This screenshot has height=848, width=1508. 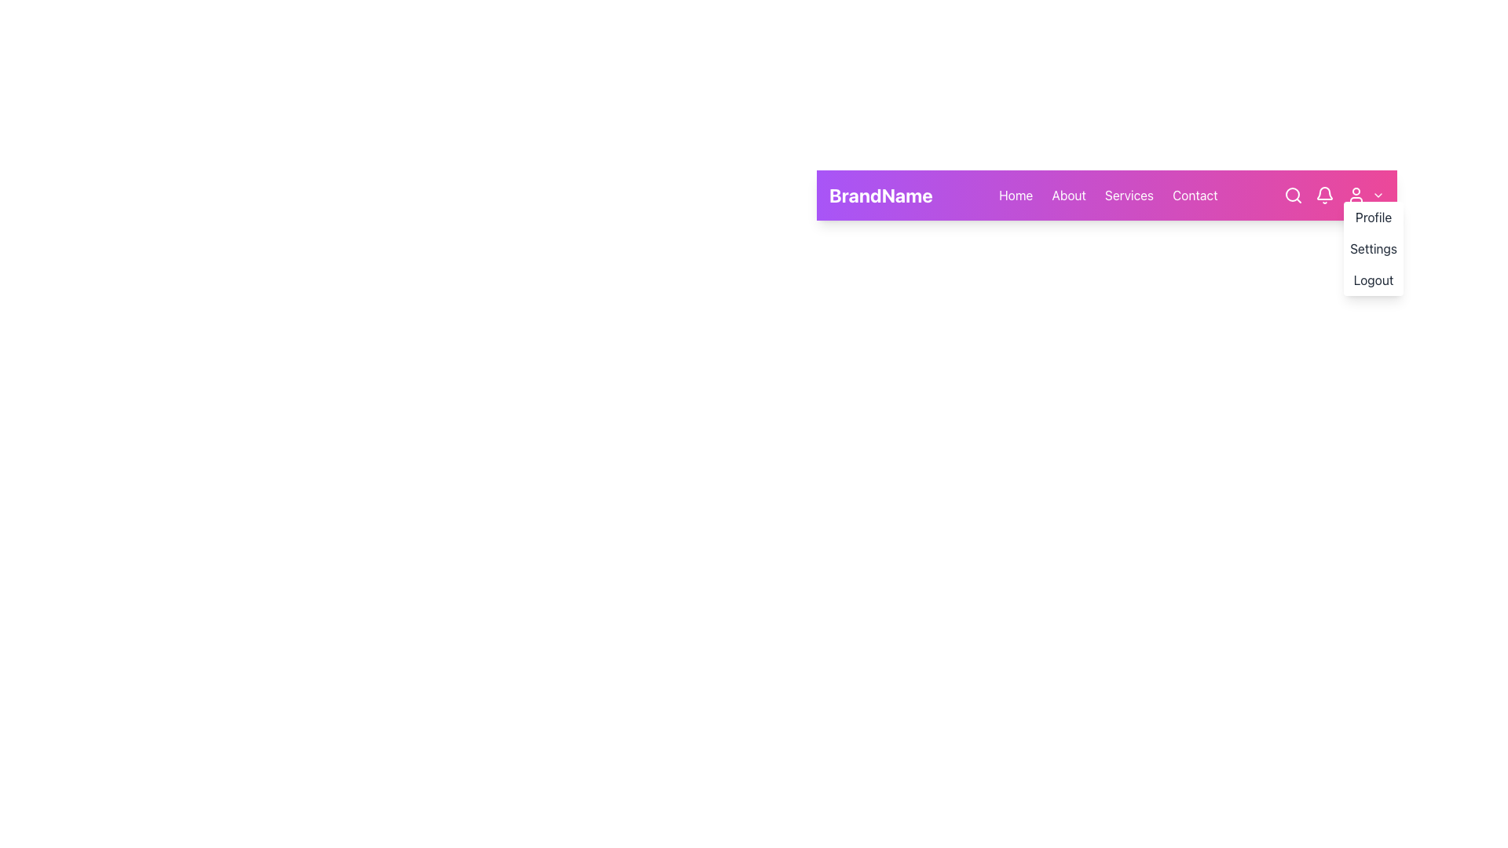 I want to click on the Navbar navigation links ('Home', 'About', 'Services', 'Contact'), so click(x=1107, y=195).